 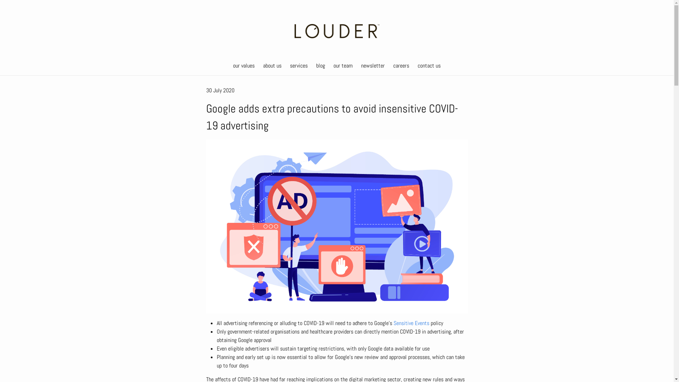 What do you see at coordinates (343, 65) in the screenshot?
I see `'our team'` at bounding box center [343, 65].